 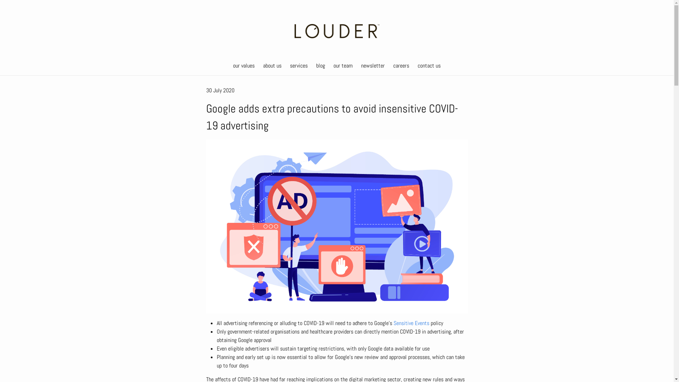 What do you see at coordinates (343, 65) in the screenshot?
I see `'our team'` at bounding box center [343, 65].